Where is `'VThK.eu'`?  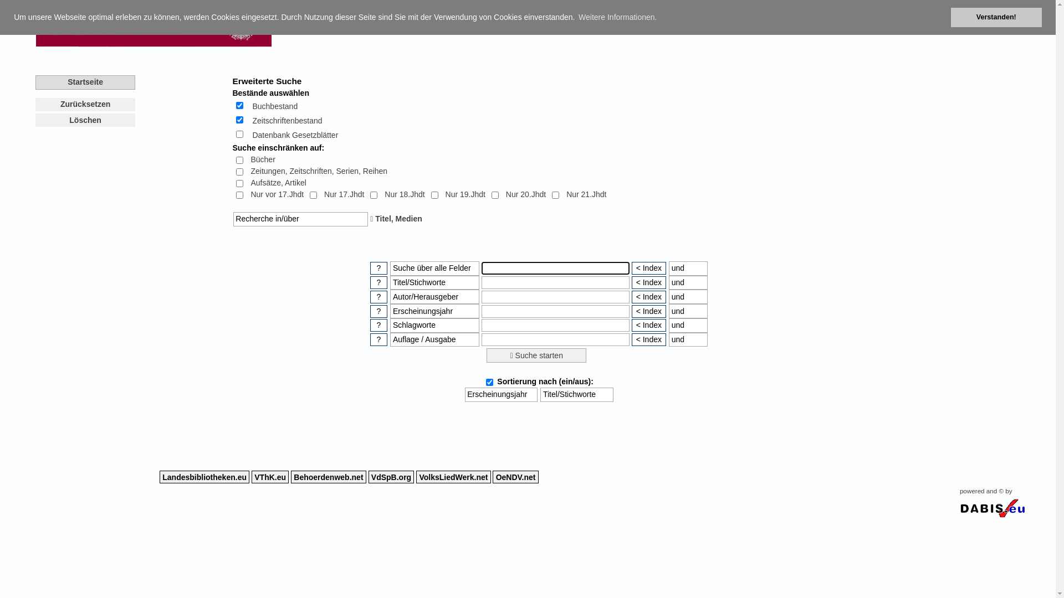 'VThK.eu' is located at coordinates (270, 476).